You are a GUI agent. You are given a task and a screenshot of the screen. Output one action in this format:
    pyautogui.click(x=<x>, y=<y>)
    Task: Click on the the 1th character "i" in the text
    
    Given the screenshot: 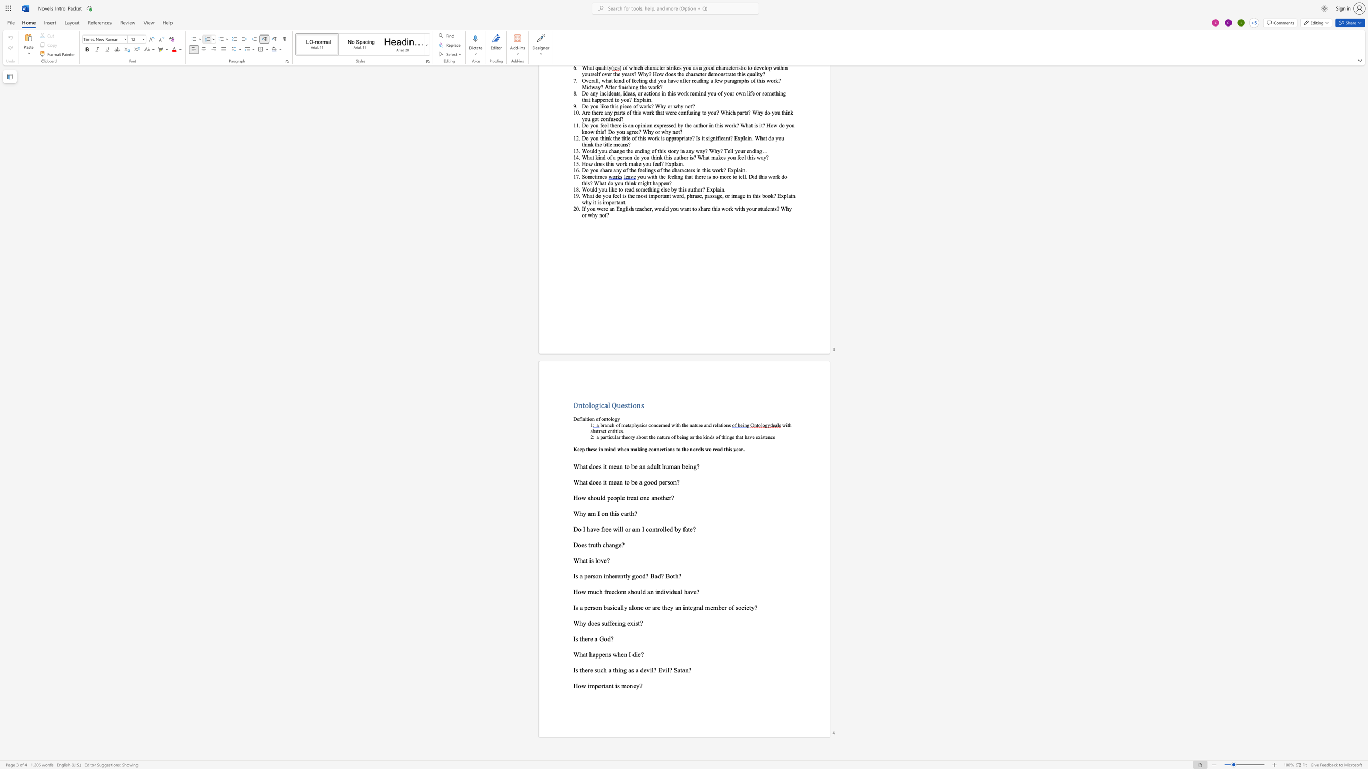 What is the action you would take?
    pyautogui.click(x=582, y=418)
    